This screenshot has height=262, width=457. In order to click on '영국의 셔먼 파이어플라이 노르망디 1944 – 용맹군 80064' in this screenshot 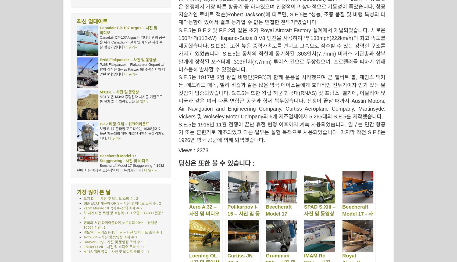, I will do `click(120, 225)`.